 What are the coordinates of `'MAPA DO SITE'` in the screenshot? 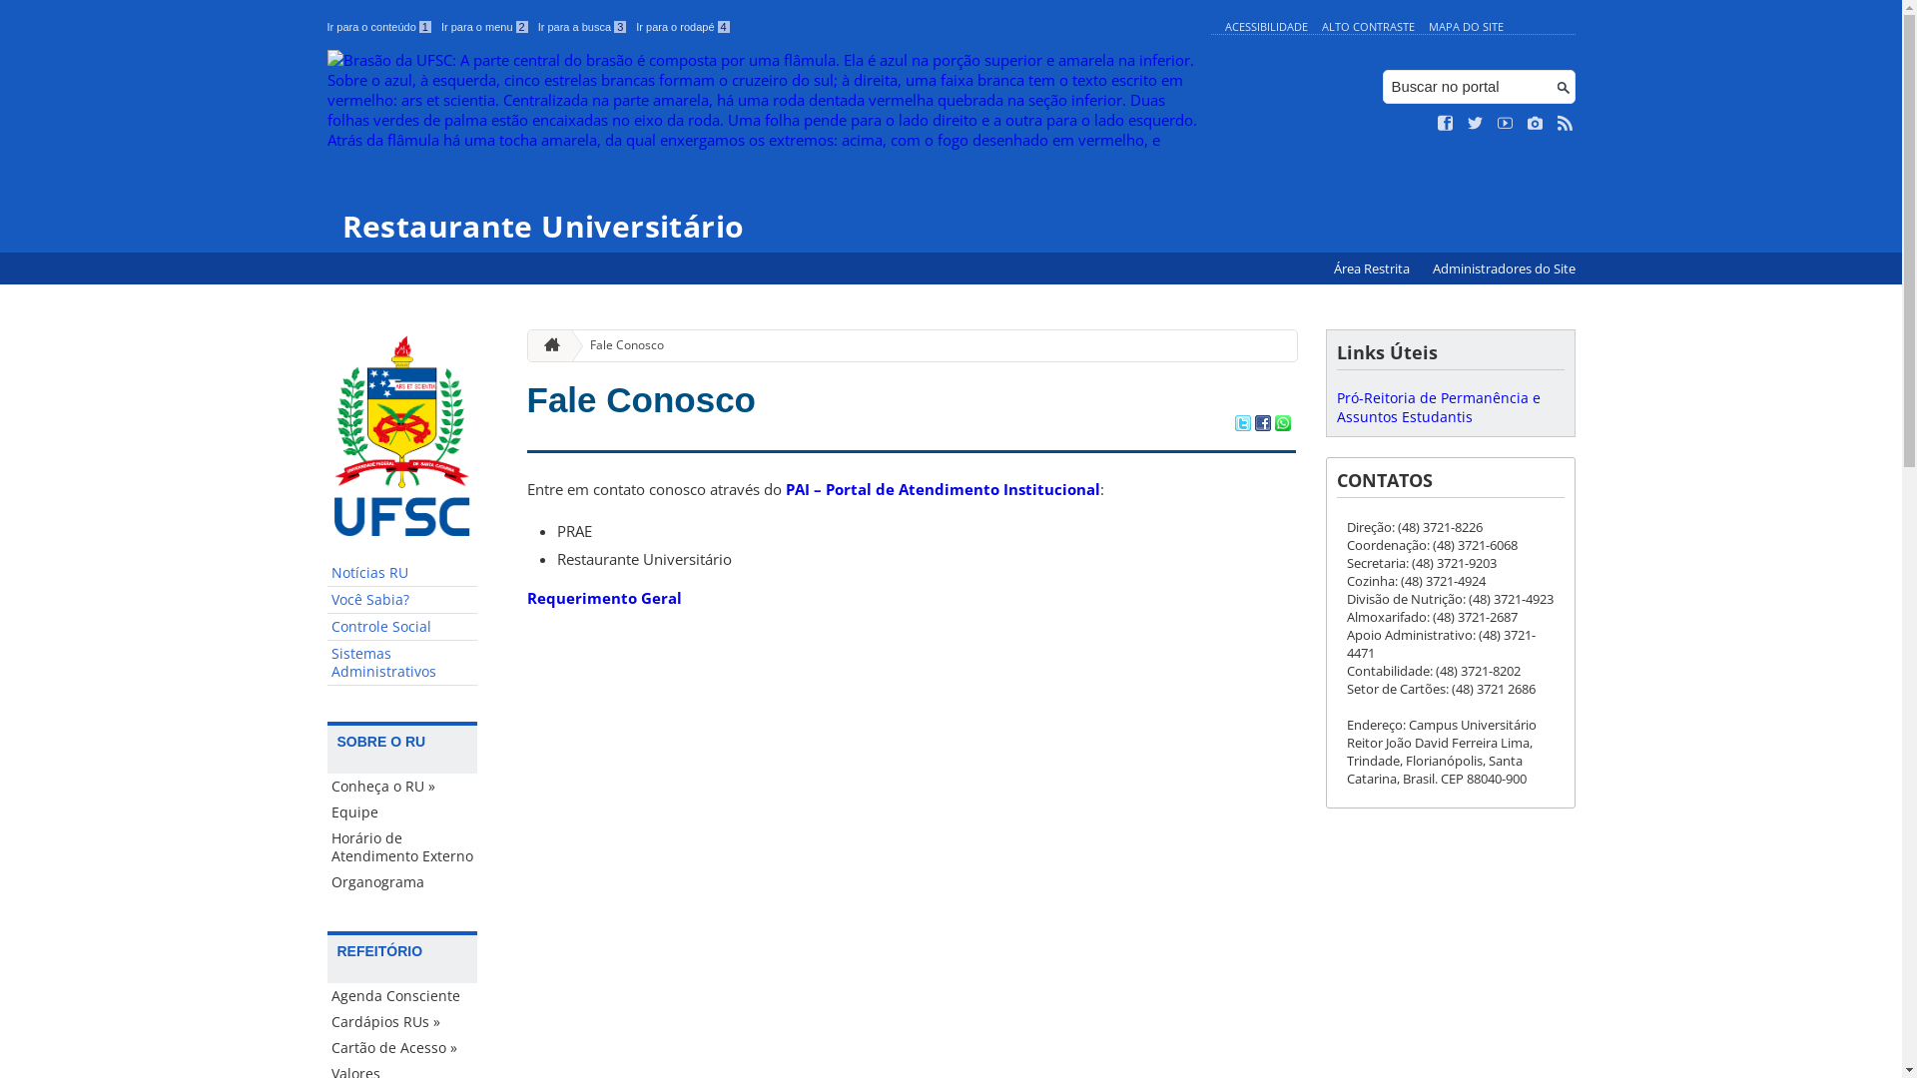 It's located at (1465, 26).